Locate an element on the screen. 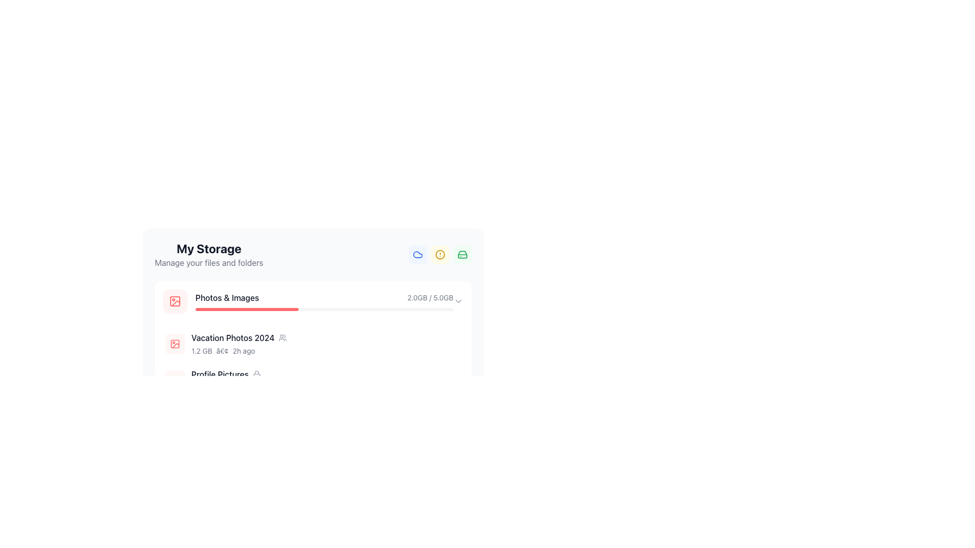  the bullet point symbol located between the texts '1.2 GB' and '2h ago' under 'Vacation Photos 2024' is located at coordinates (222, 350).